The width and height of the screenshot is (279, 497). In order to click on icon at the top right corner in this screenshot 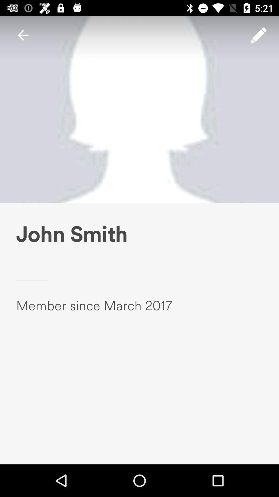, I will do `click(259, 35)`.